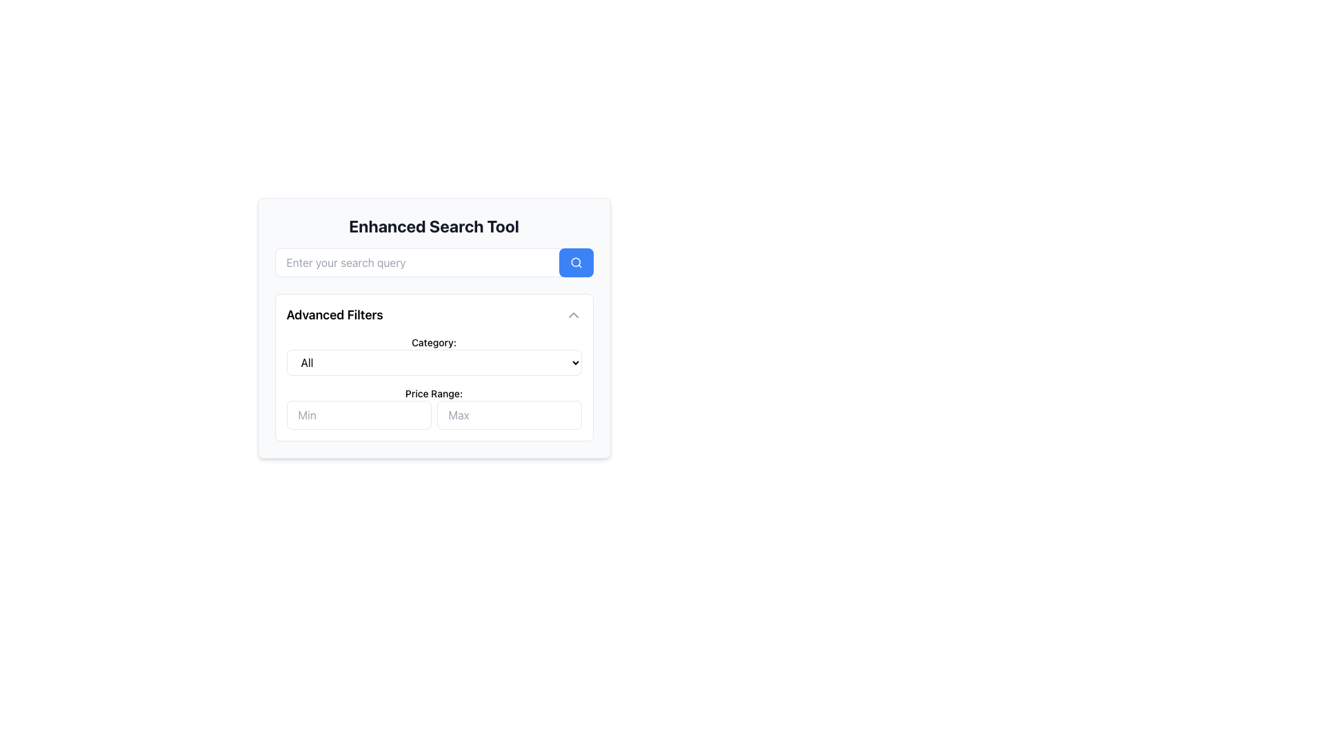  I want to click on the Text Label indicating the selection category for the dropdown menu labeled 'All' in the 'Advanced Filters' section, so click(433, 342).